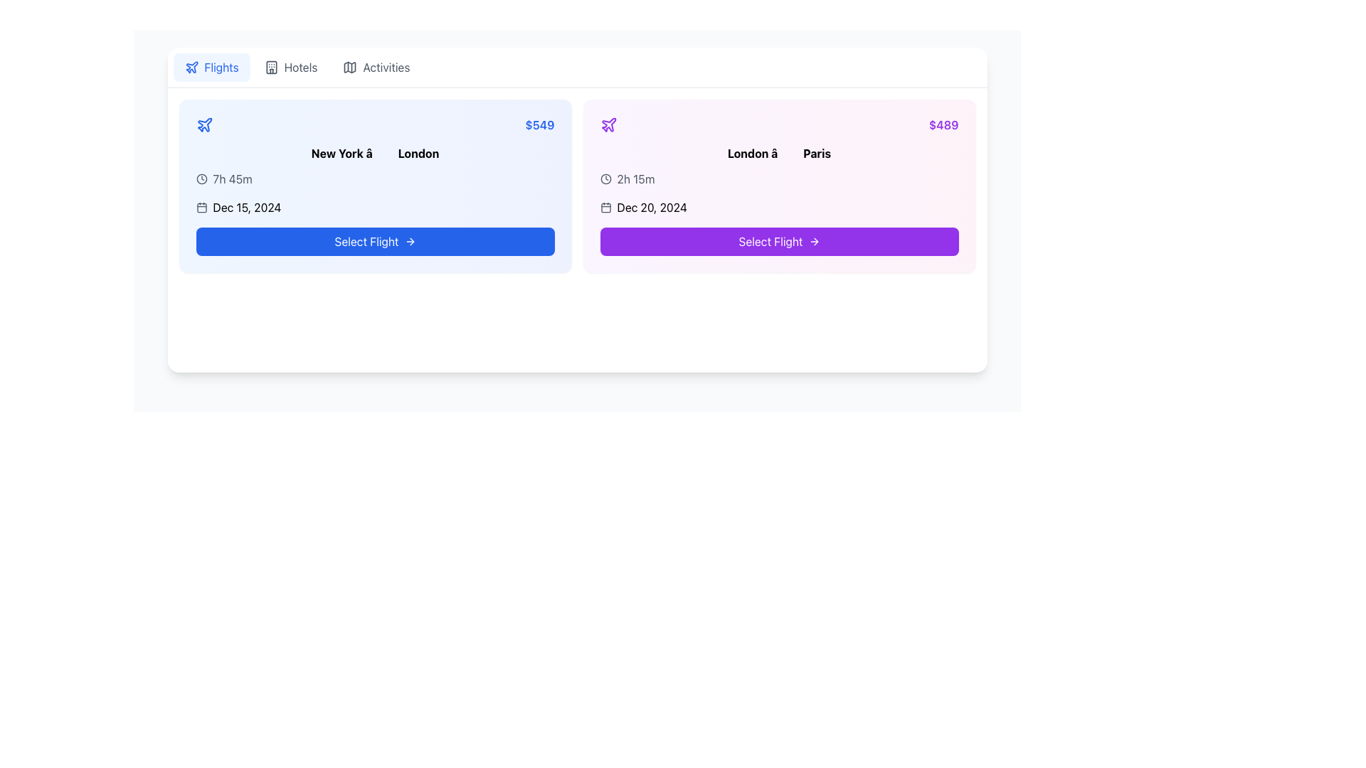 The width and height of the screenshot is (1366, 768). Describe the element at coordinates (201, 178) in the screenshot. I see `accessibility metadata of the central circular part of the clock icon, which serves as the clock face outline in the second card of the interface` at that location.